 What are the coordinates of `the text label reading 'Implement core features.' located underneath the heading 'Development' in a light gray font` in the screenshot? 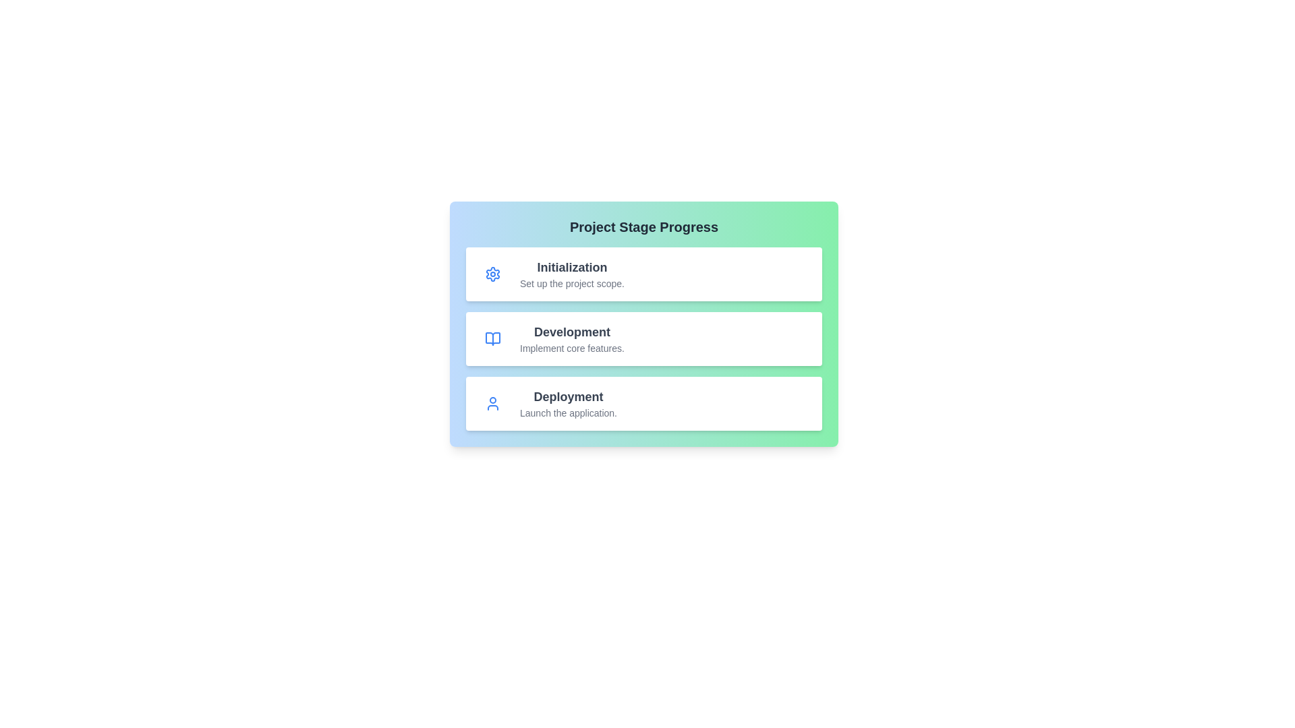 It's located at (572, 347).